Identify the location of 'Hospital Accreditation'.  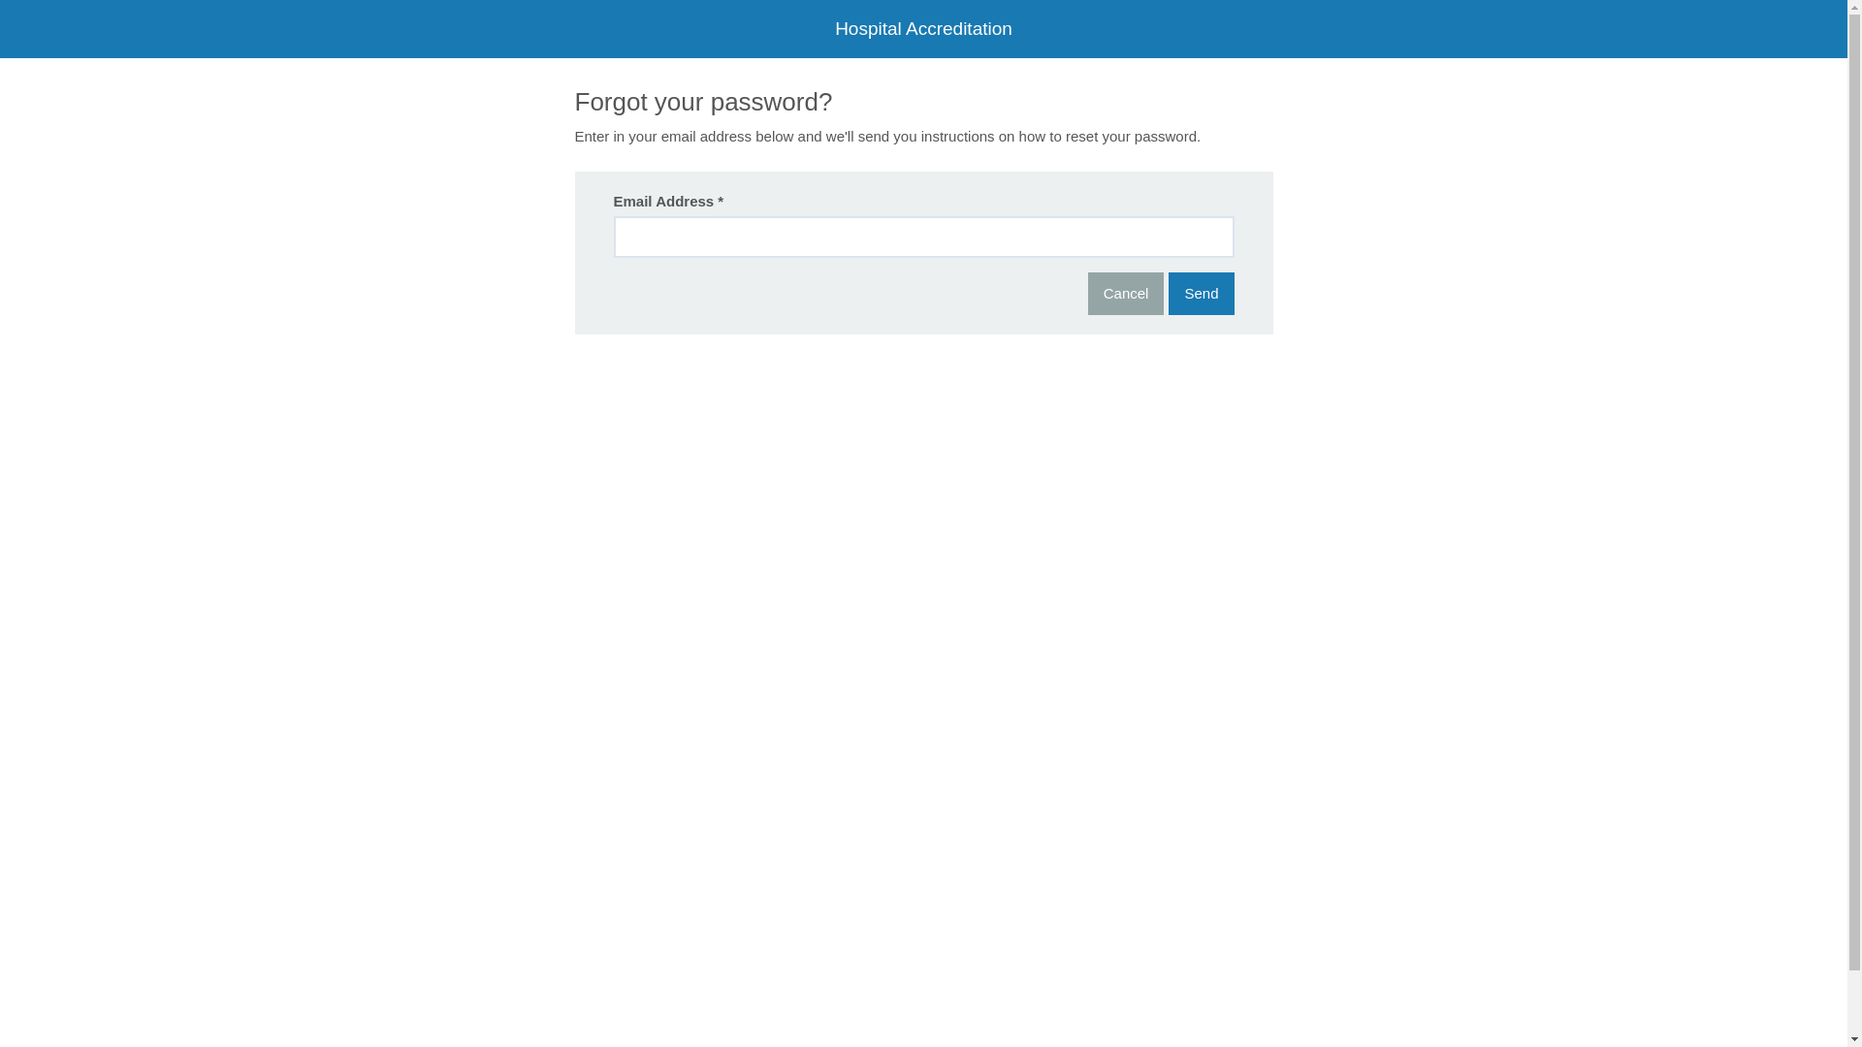
(922, 29).